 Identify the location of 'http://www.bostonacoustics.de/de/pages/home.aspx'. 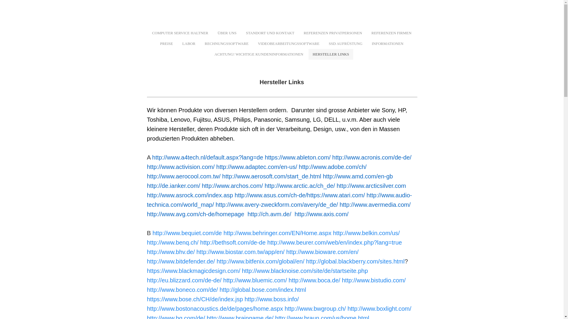
(214, 308).